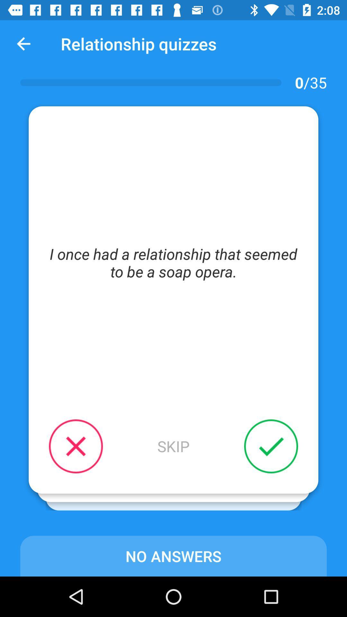 This screenshot has height=617, width=347. Describe the element at coordinates (173, 556) in the screenshot. I see `the text which is at the bottom of the page` at that location.